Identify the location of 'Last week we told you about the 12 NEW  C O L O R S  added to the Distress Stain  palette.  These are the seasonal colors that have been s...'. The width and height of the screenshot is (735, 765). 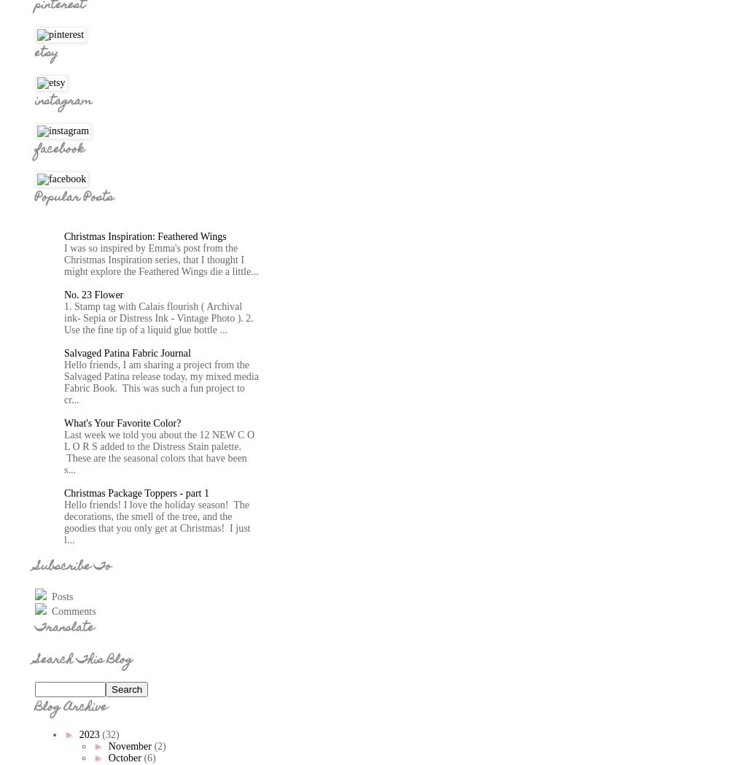
(159, 452).